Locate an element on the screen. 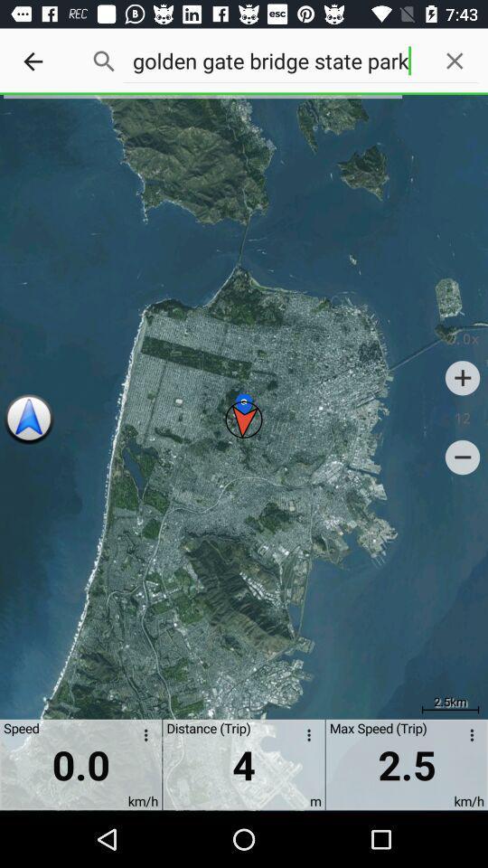 The height and width of the screenshot is (868, 488). the add icon is located at coordinates (463, 377).